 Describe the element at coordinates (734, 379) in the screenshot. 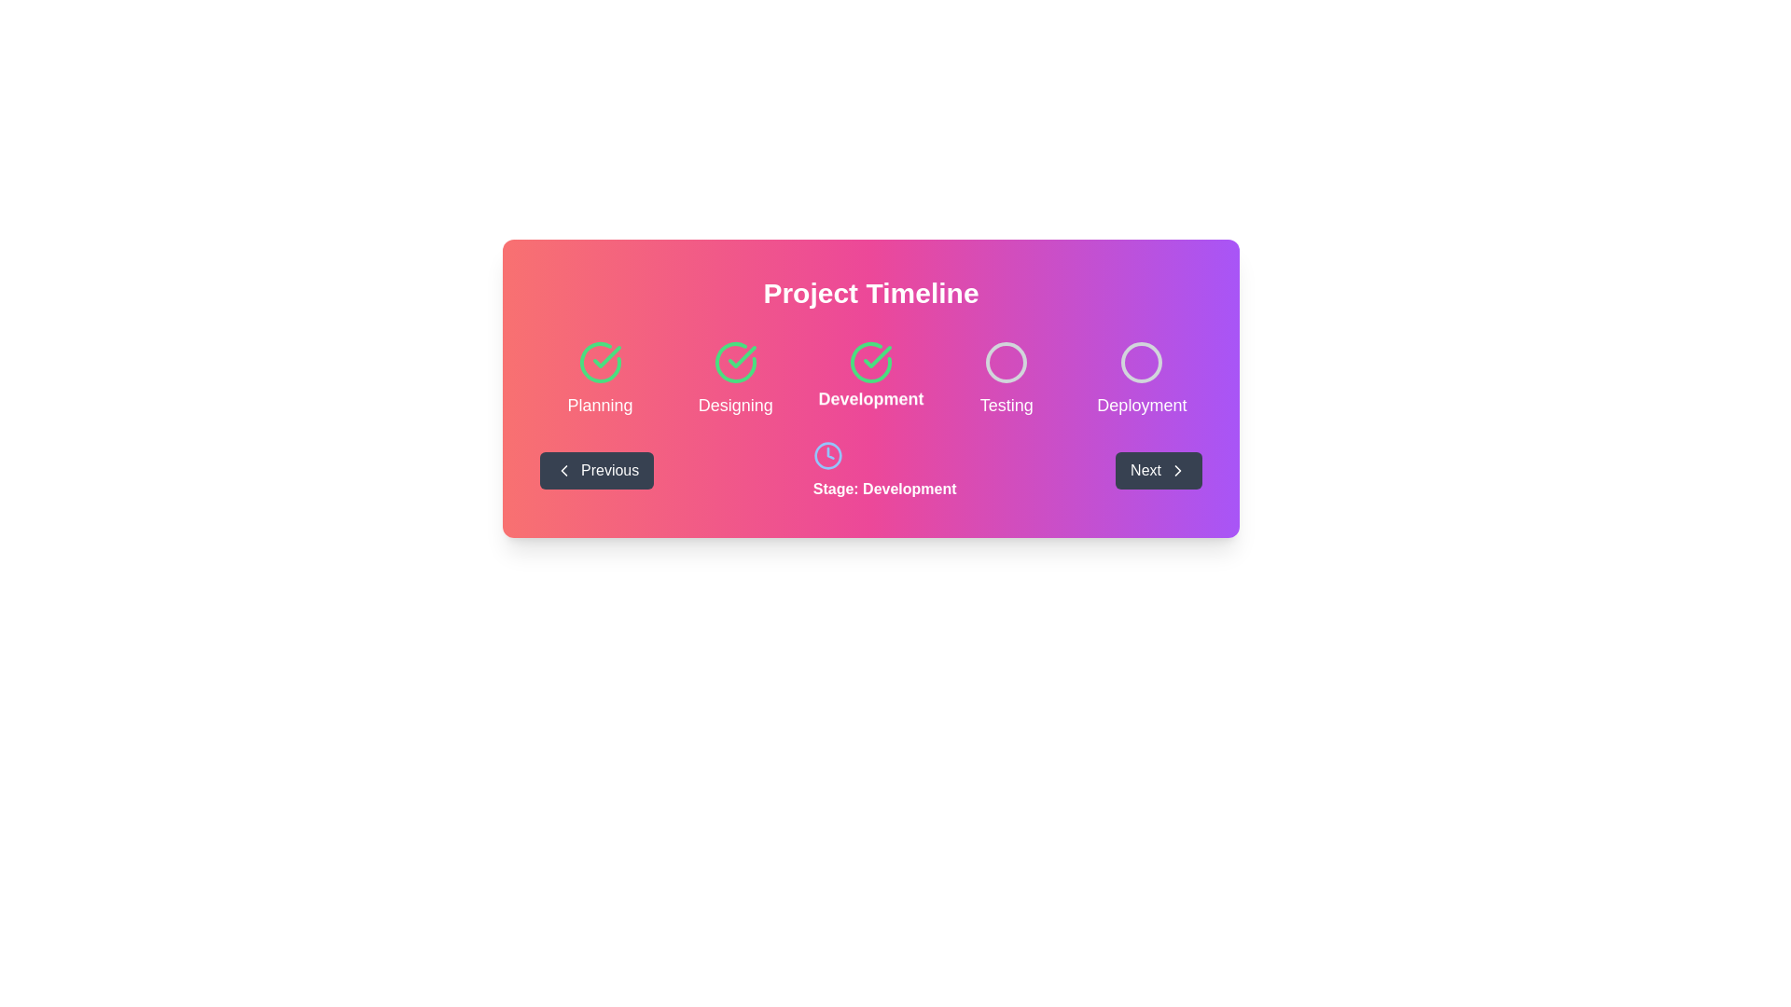

I see `the Status indicator labeled 'Designing' in the Project Timeline progress tracker, which shows a green checkmark indicating completion` at that location.